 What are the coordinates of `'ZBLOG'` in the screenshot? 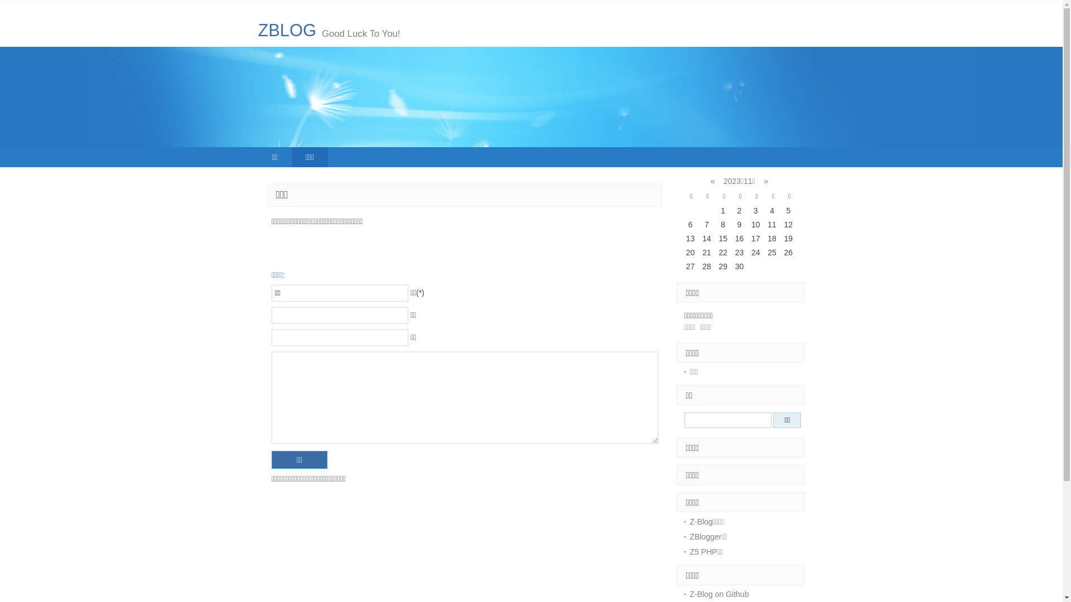 It's located at (286, 30).